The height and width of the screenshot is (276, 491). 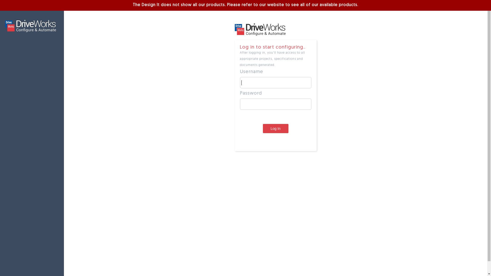 I want to click on 'Log In', so click(x=275, y=128).